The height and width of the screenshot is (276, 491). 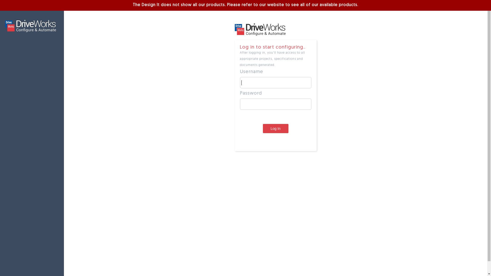 I want to click on 'Log In', so click(x=275, y=128).